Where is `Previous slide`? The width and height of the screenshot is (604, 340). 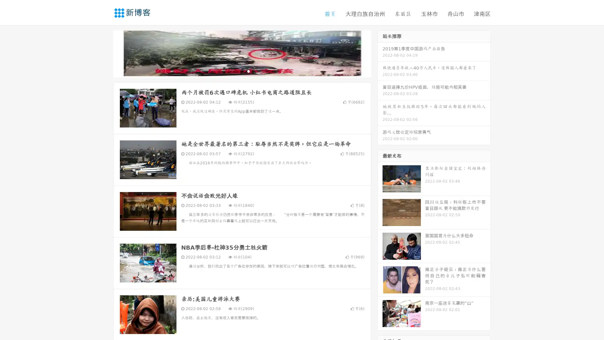 Previous slide is located at coordinates (104, 53).